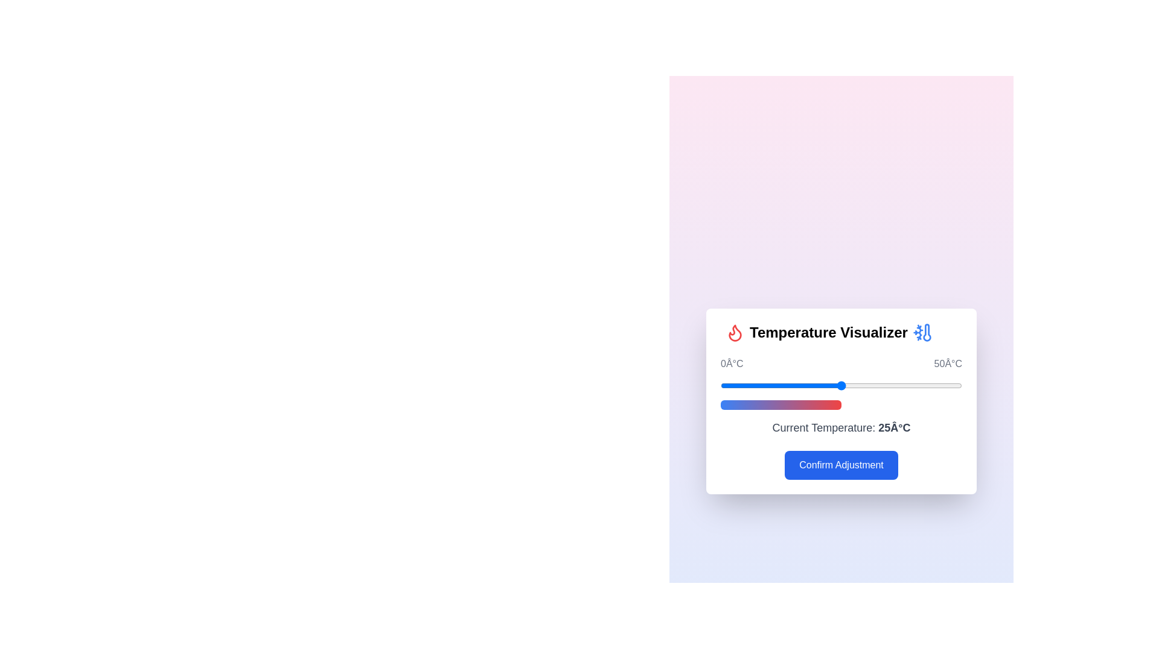 This screenshot has width=1159, height=651. What do you see at coordinates (822, 386) in the screenshot?
I see `the temperature slider to 21°C to observe the visual feedback` at bounding box center [822, 386].